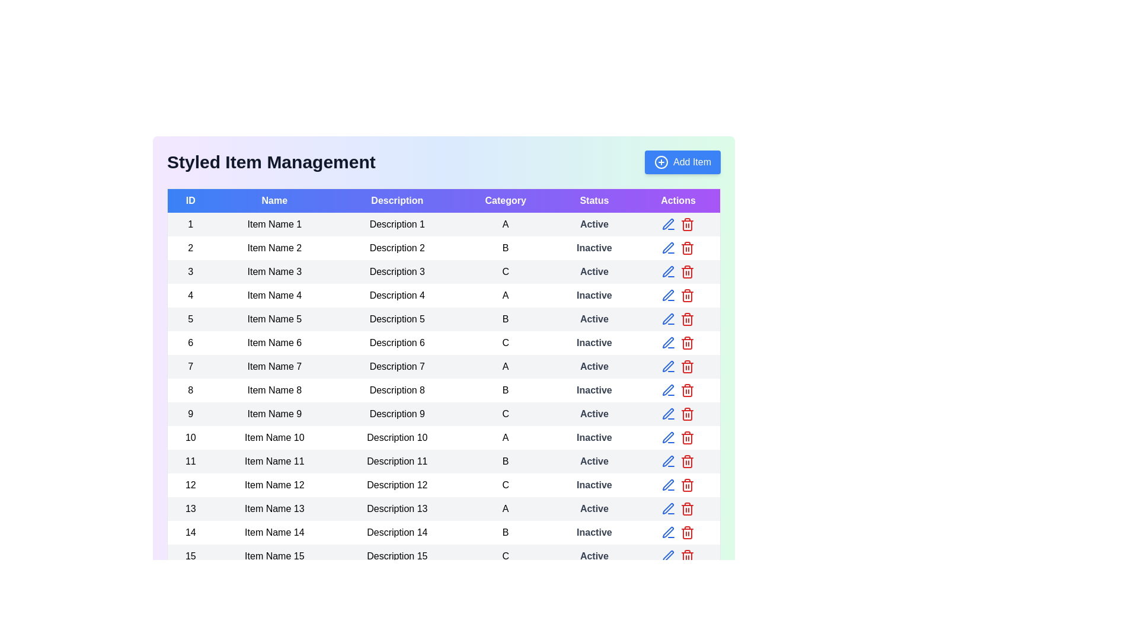 Image resolution: width=1138 pixels, height=640 pixels. I want to click on the column header Name to sort the table by that column, so click(274, 200).